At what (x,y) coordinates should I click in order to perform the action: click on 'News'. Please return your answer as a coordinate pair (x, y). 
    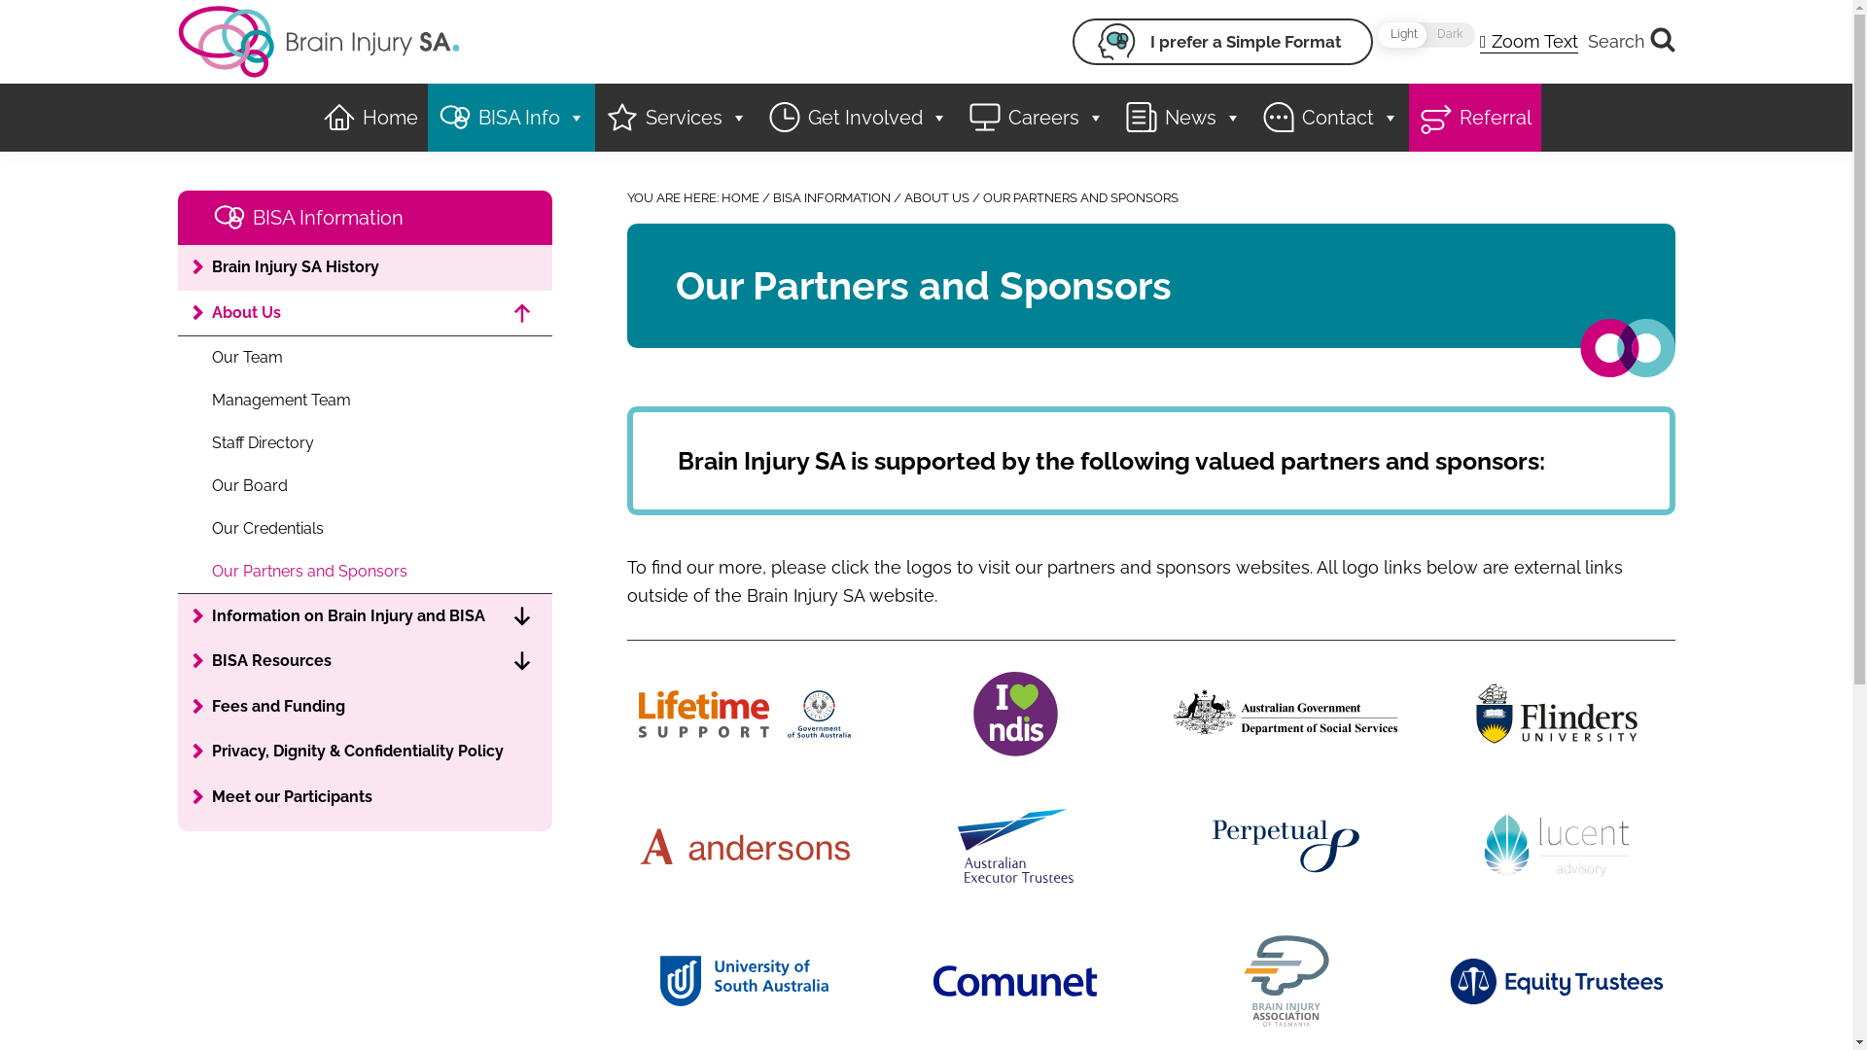
    Looking at the image, I should click on (1114, 117).